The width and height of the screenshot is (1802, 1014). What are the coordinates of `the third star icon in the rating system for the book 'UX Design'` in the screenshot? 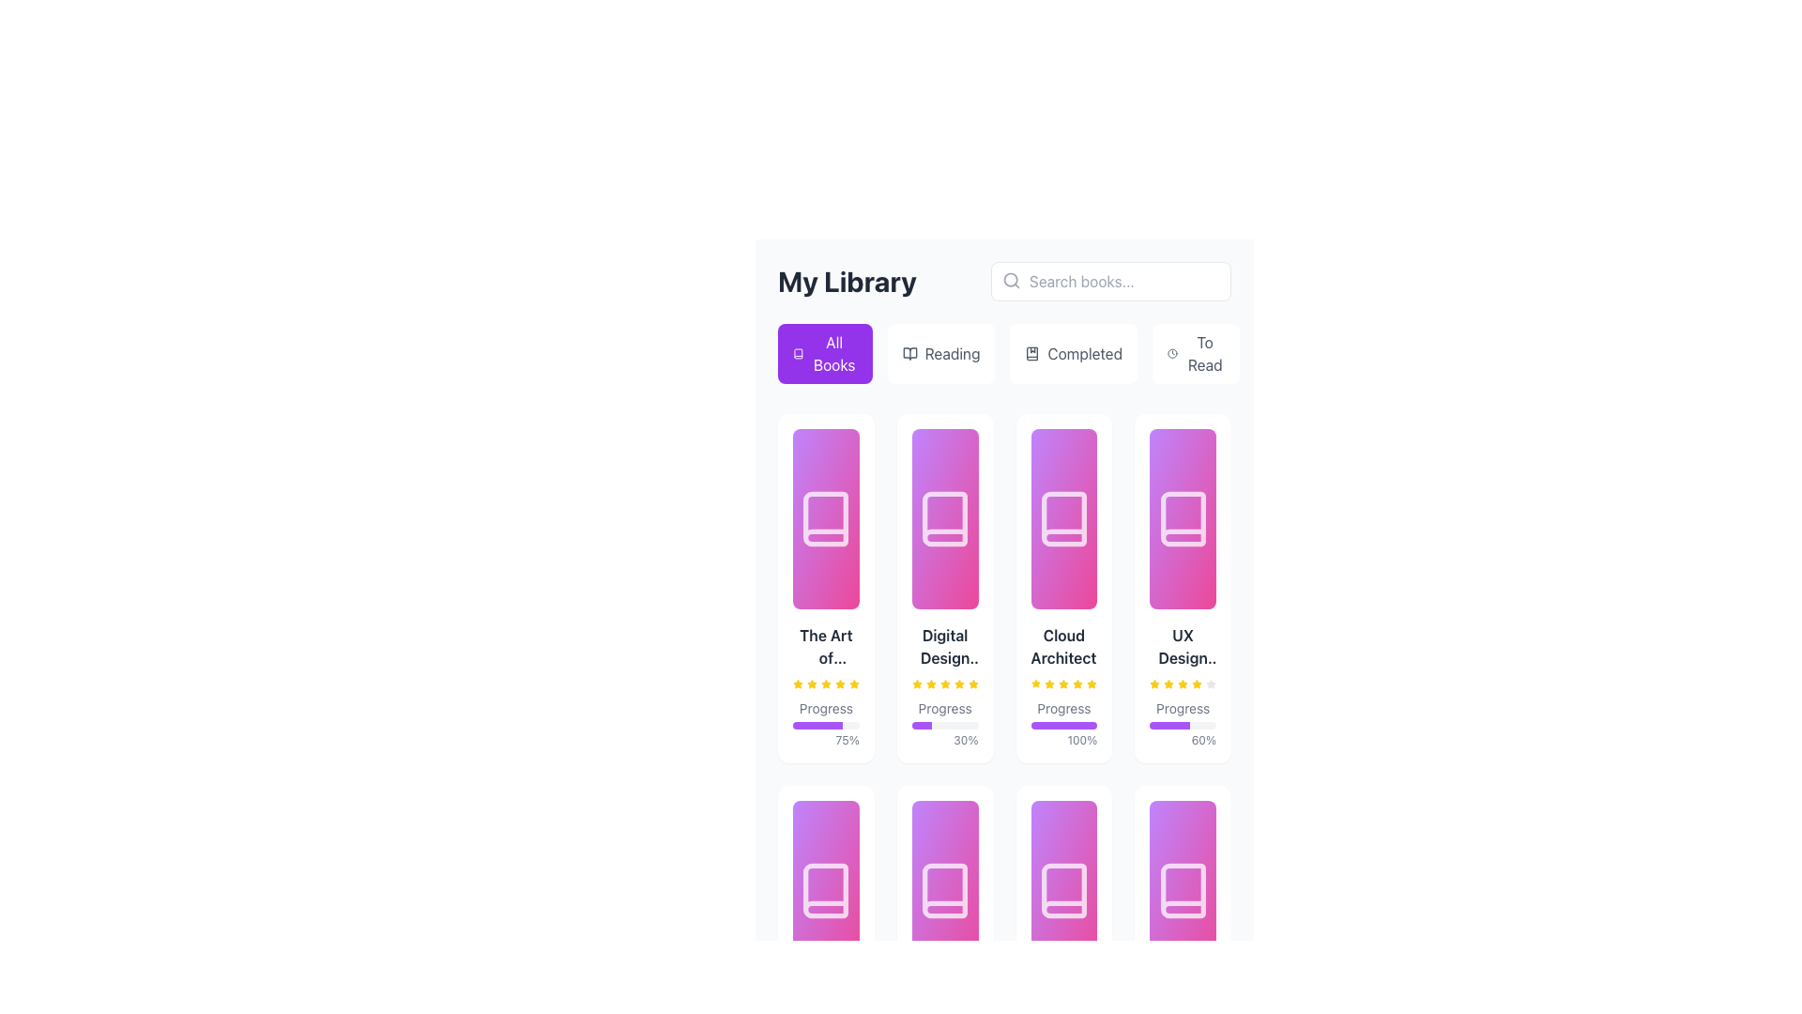 It's located at (1153, 684).